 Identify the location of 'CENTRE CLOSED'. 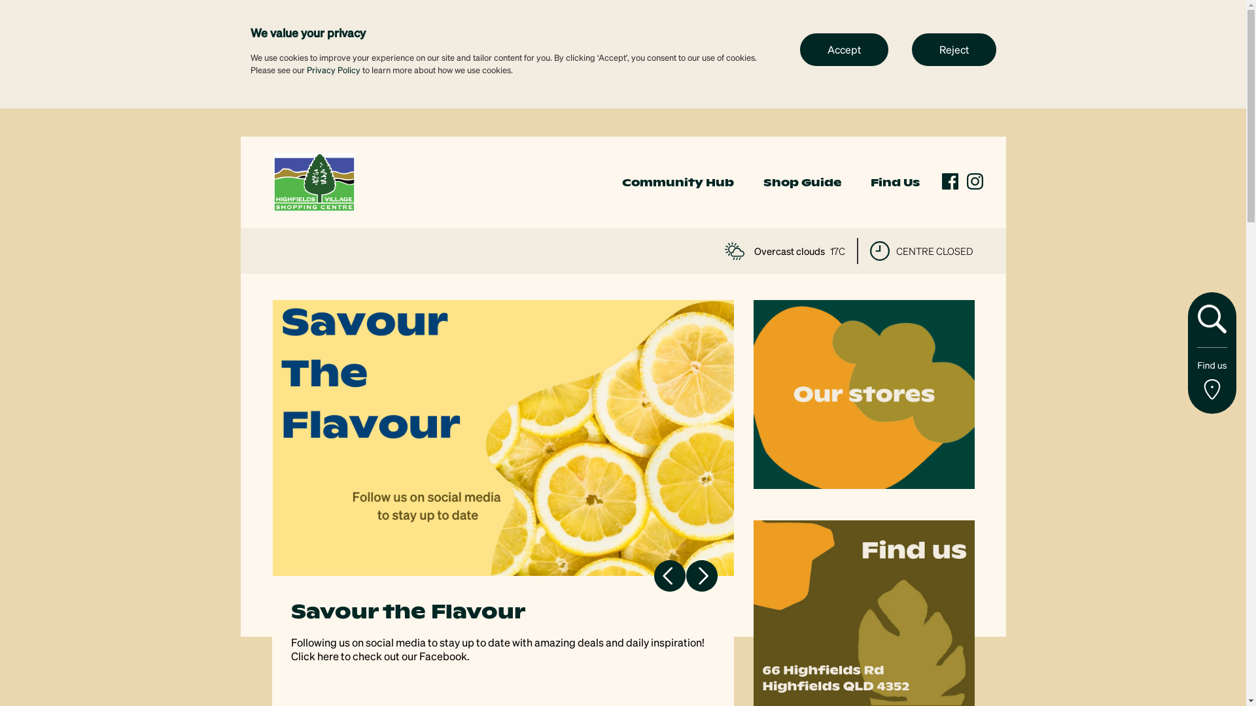
(921, 251).